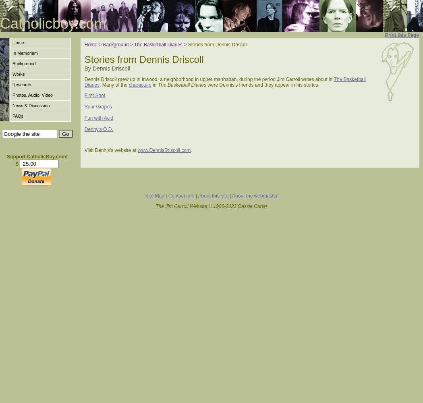 The image size is (423, 403). What do you see at coordinates (98, 129) in the screenshot?
I see `'Denny's O.D.'` at bounding box center [98, 129].